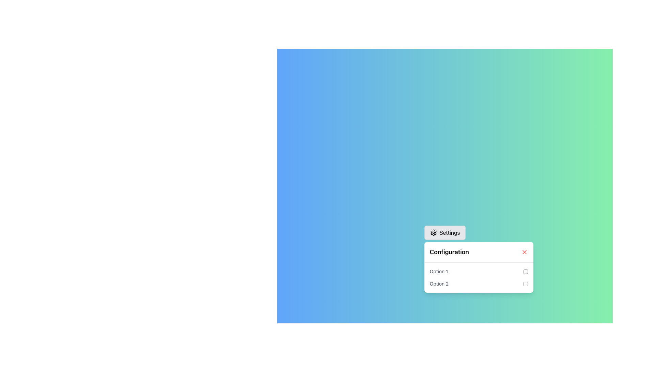  What do you see at coordinates (449, 252) in the screenshot?
I see `the Static Text element that serves as the title or identifier for the 'Configuration' section, positioned to the left of the icon and close button` at bounding box center [449, 252].